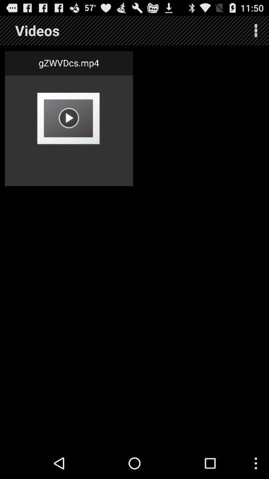 This screenshot has width=269, height=479. I want to click on gzwvdcs.mp4 icon, so click(68, 62).